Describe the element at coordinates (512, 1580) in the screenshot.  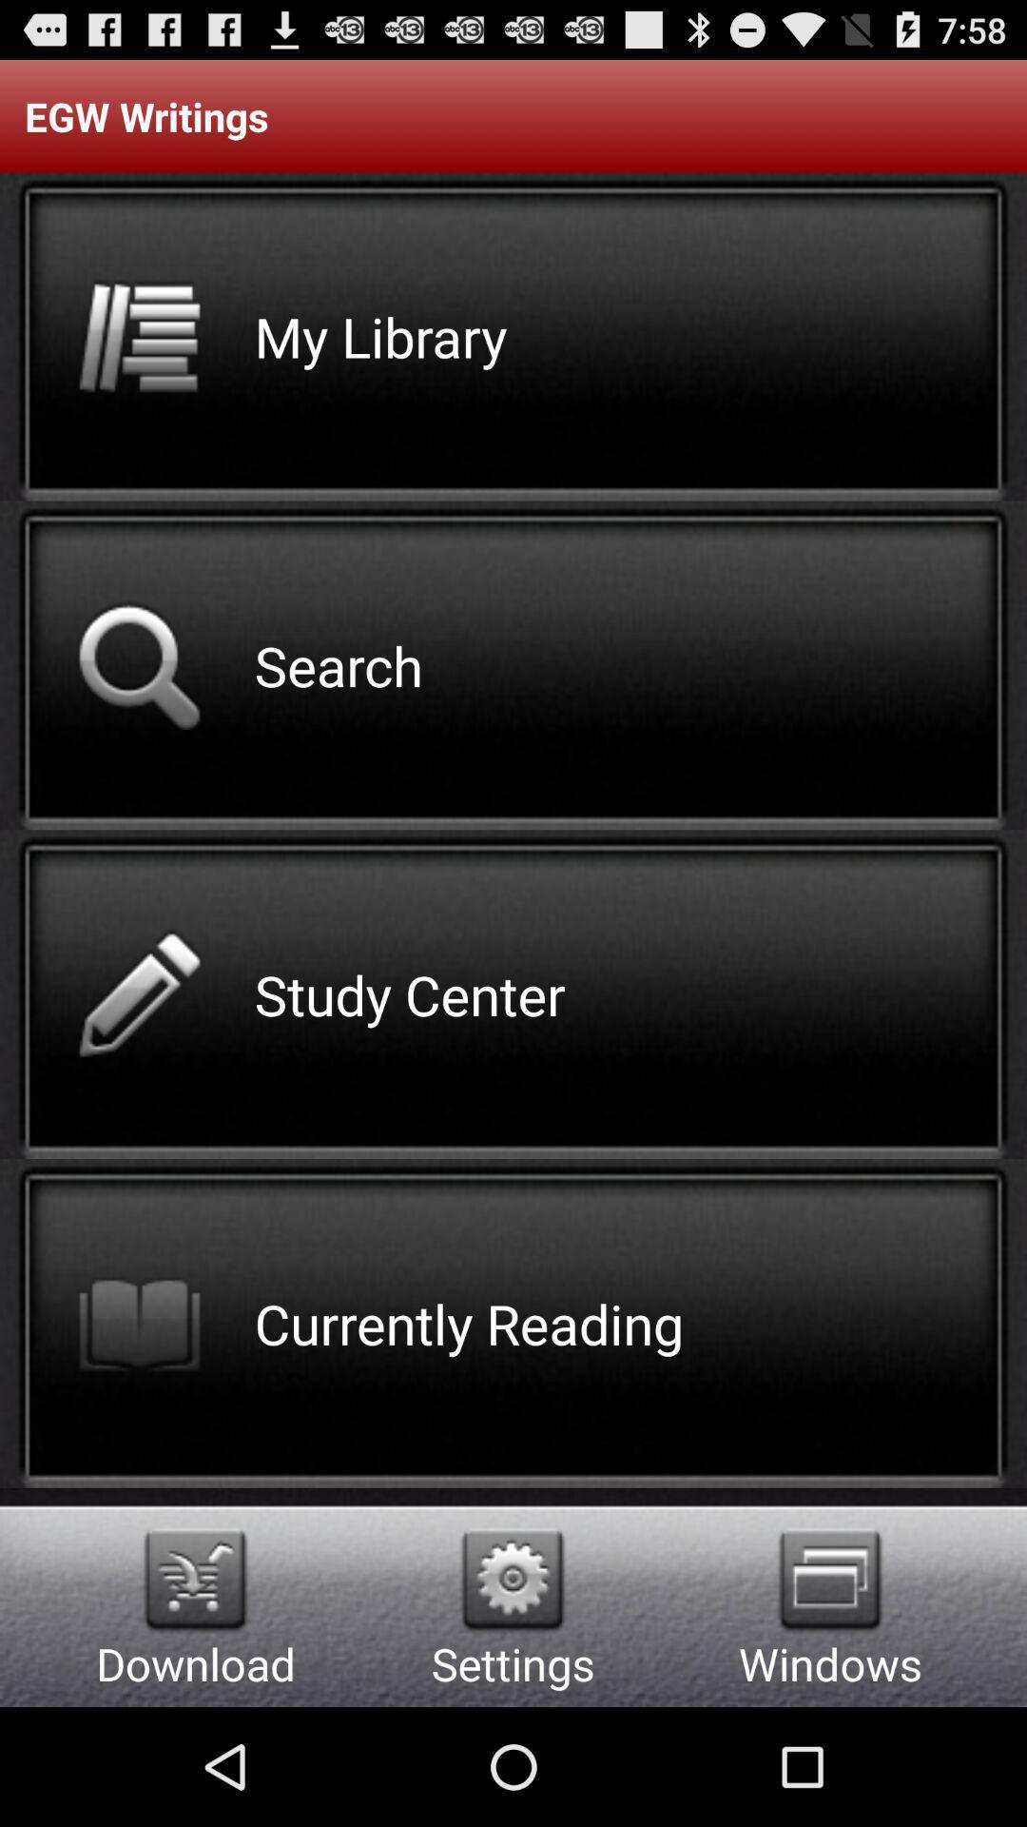
I see `app above settings` at that location.